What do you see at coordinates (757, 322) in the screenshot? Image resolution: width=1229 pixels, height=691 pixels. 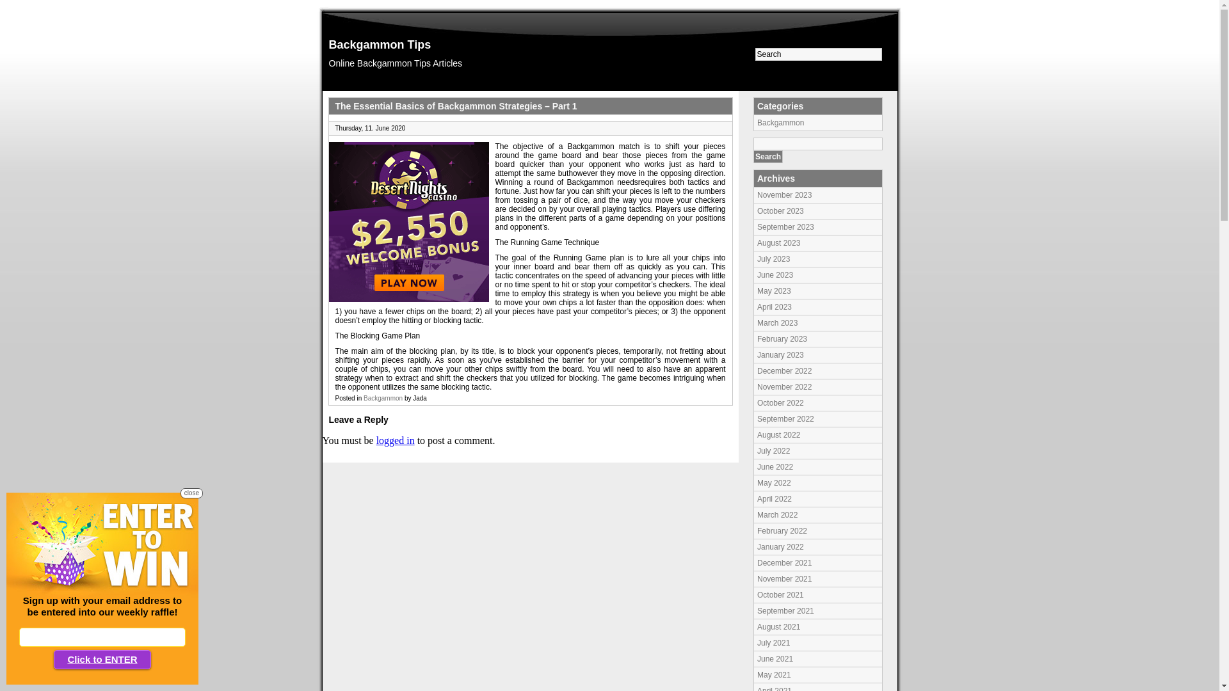 I see `'March 2023'` at bounding box center [757, 322].